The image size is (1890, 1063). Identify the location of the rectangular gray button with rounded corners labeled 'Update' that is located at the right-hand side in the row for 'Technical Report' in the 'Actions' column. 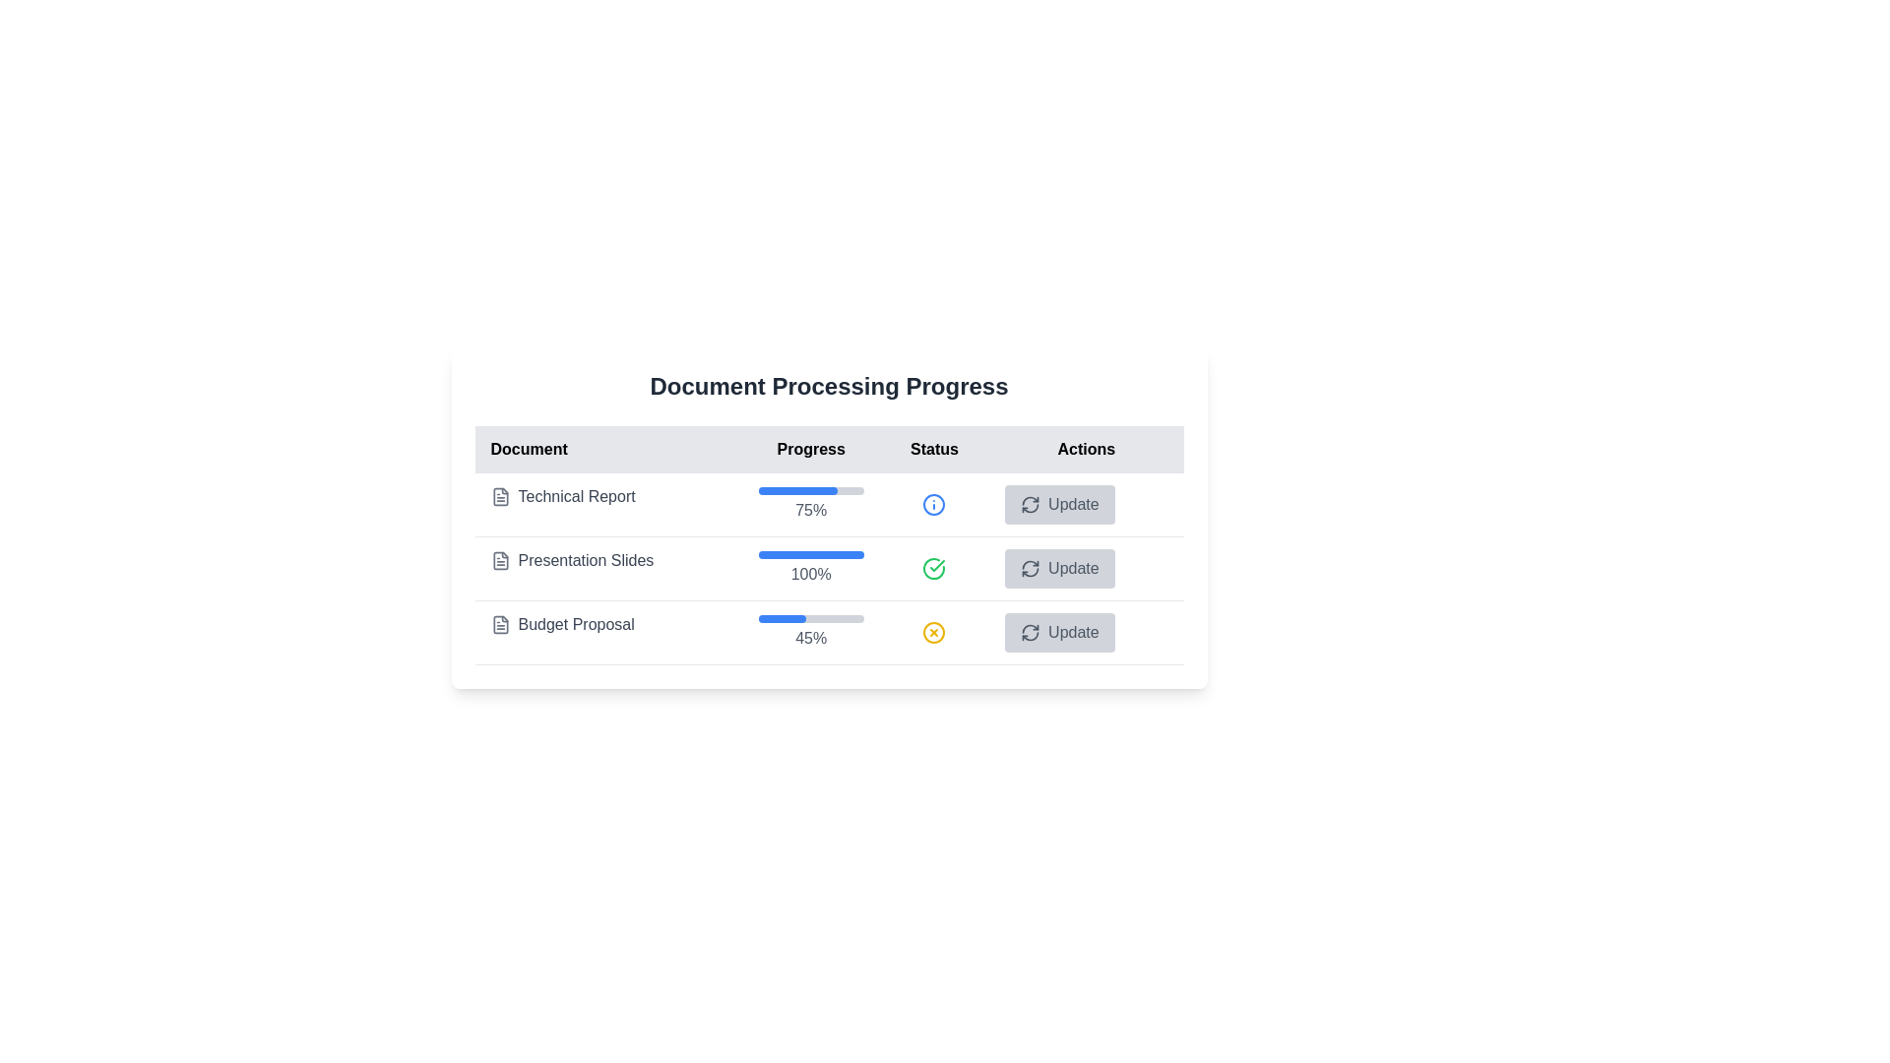
(1085, 504).